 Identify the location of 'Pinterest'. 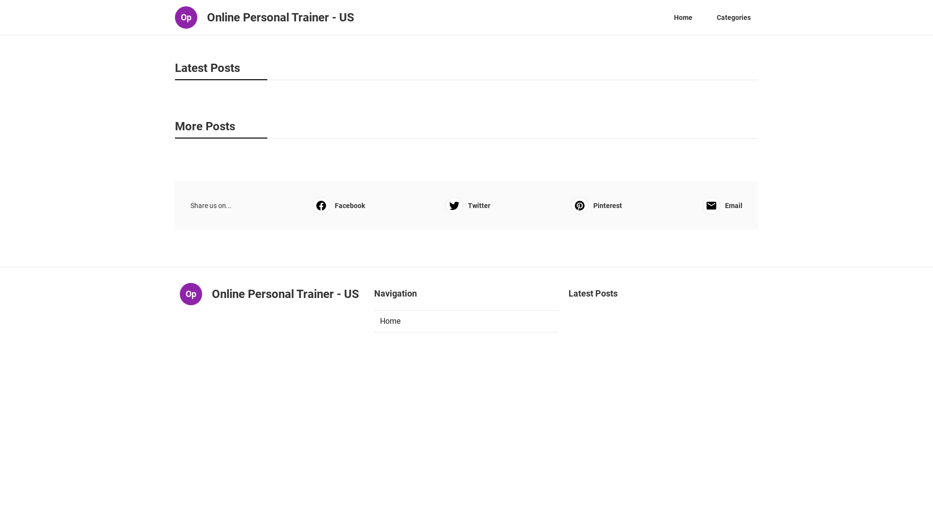
(596, 205).